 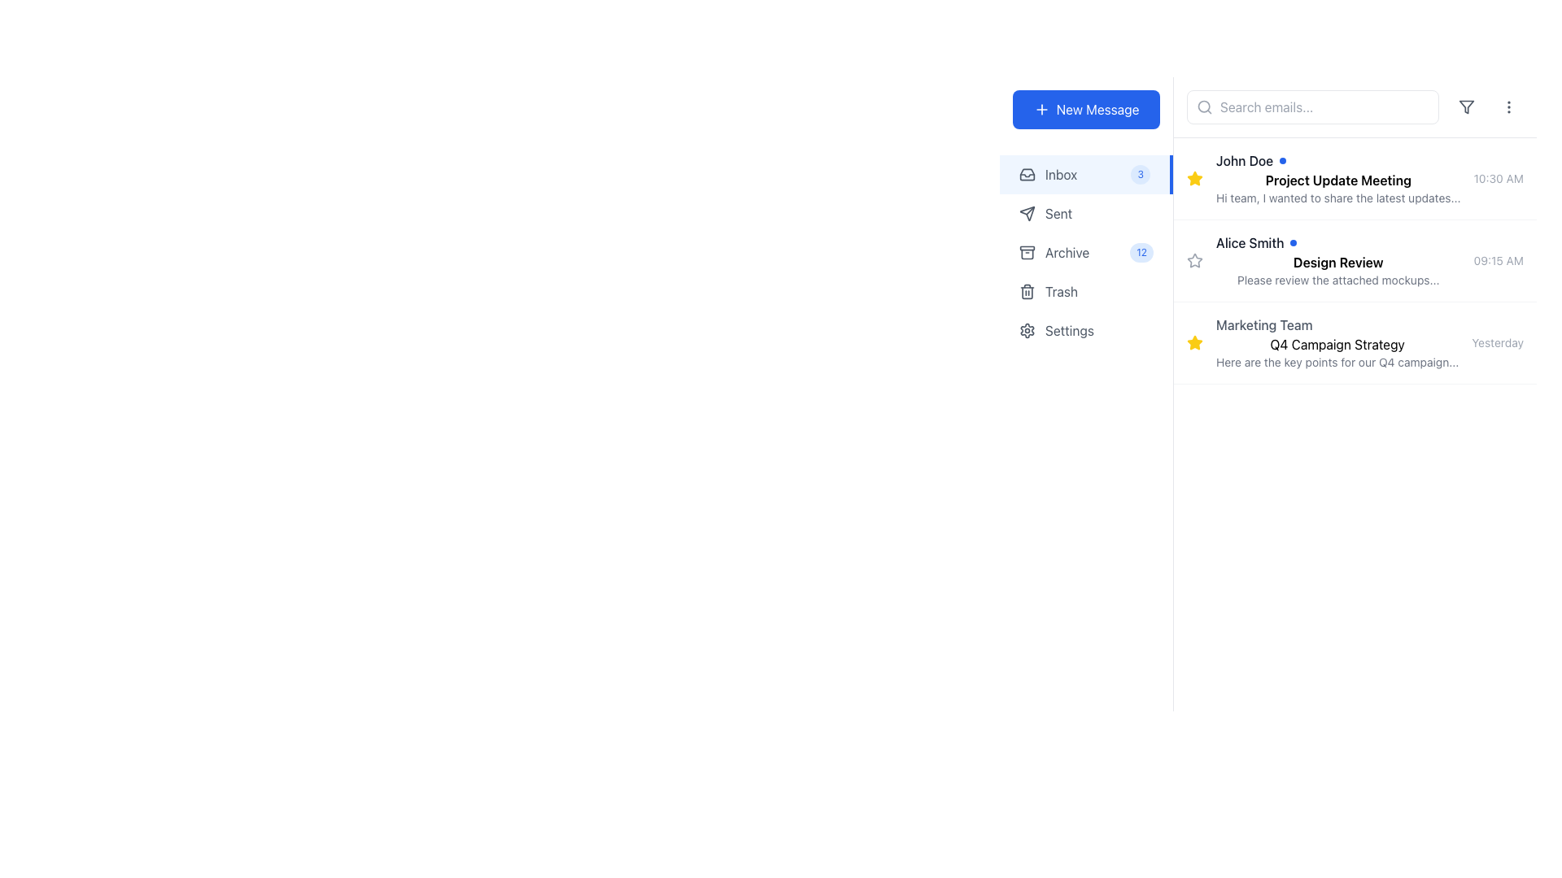 What do you see at coordinates (1244, 160) in the screenshot?
I see `the text label displaying the name 'John Doe' which is part of the first email entry in the list, located between a star icon and a blue dot indicator` at bounding box center [1244, 160].